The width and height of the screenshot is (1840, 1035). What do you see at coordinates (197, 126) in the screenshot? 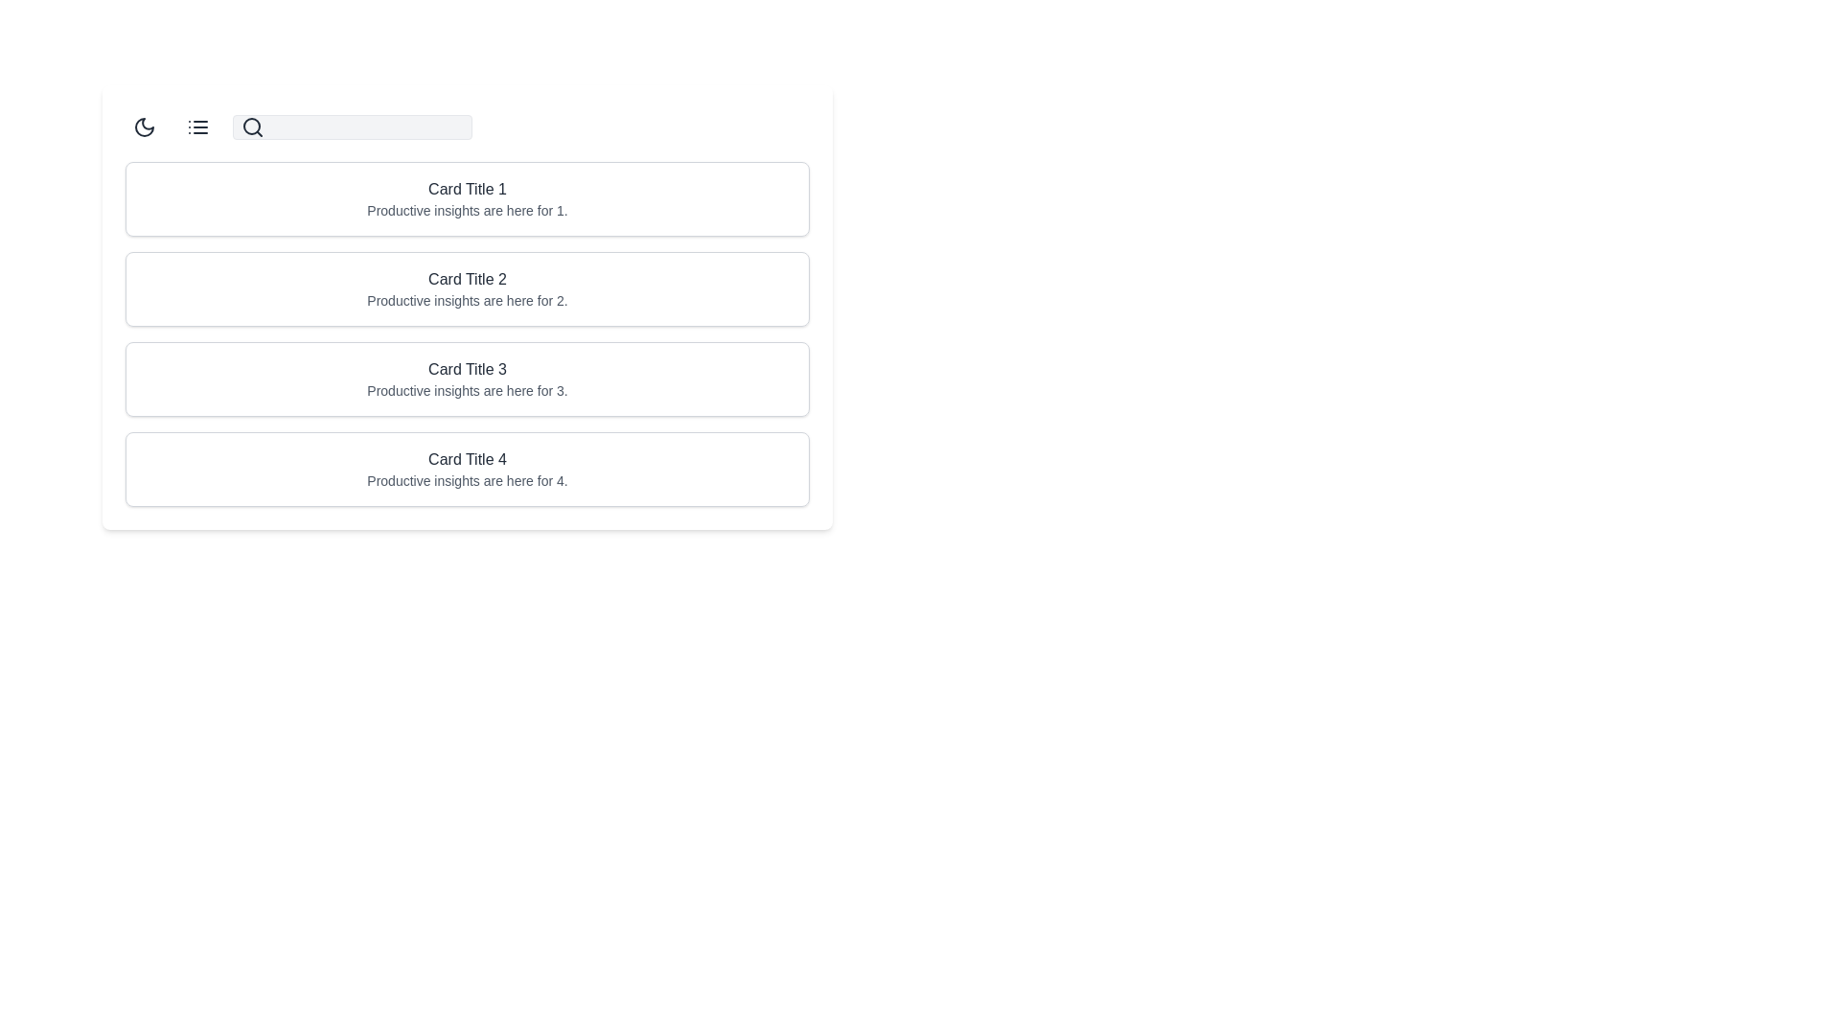
I see `the list icon button, which is represented by three horizontal bars with circular dots, located in the upper left section of the interface` at bounding box center [197, 126].